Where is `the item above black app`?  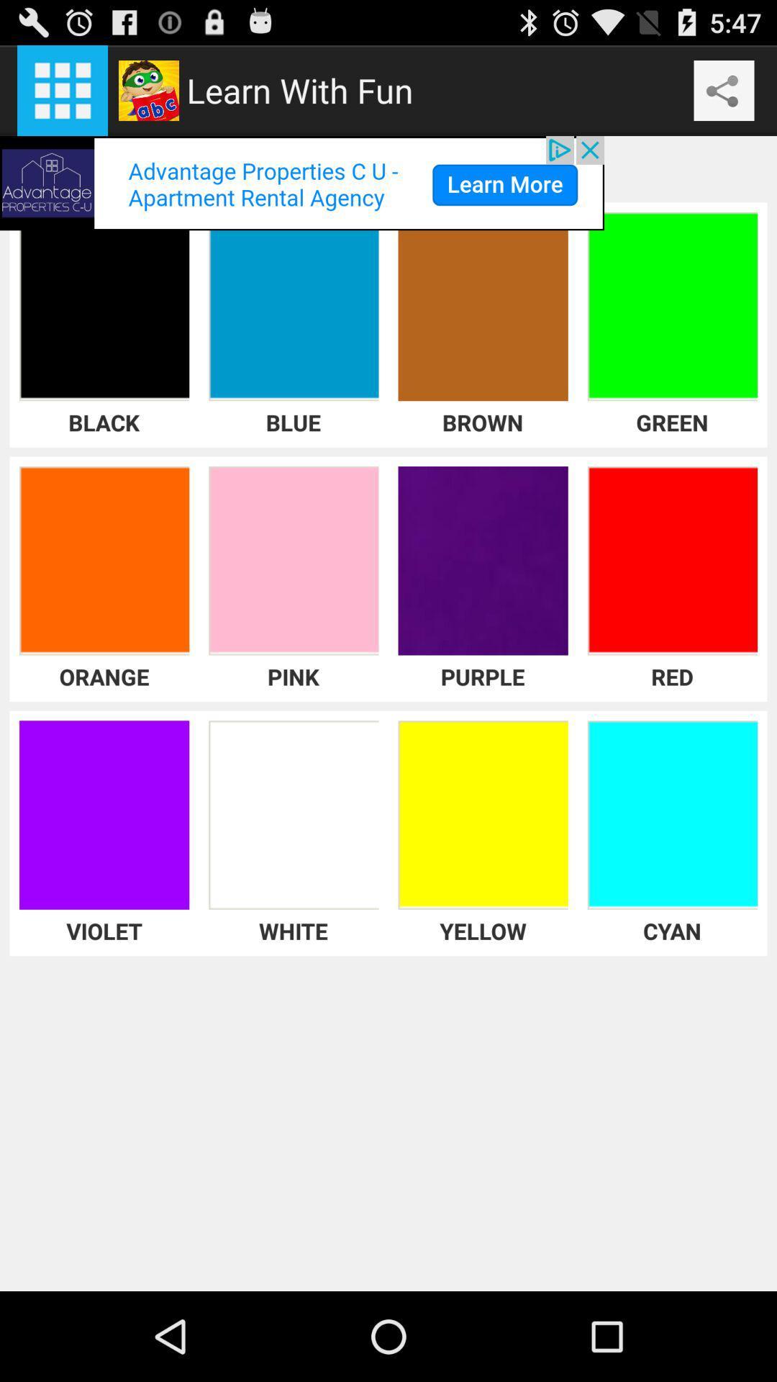
the item above black app is located at coordinates (301, 182).